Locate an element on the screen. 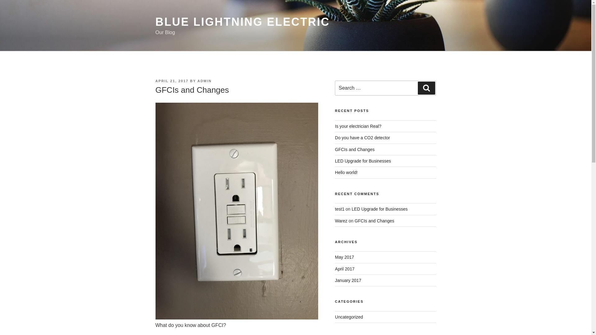 The width and height of the screenshot is (596, 335). 'Hello world!' is located at coordinates (346, 172).